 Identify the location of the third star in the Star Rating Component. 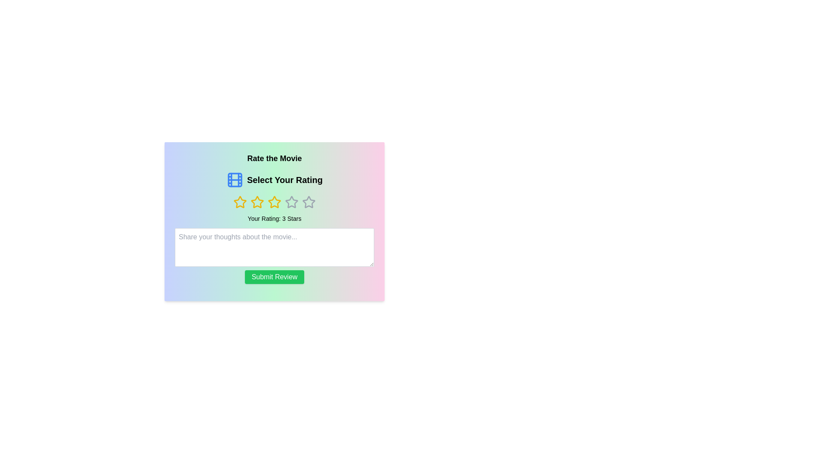
(240, 202).